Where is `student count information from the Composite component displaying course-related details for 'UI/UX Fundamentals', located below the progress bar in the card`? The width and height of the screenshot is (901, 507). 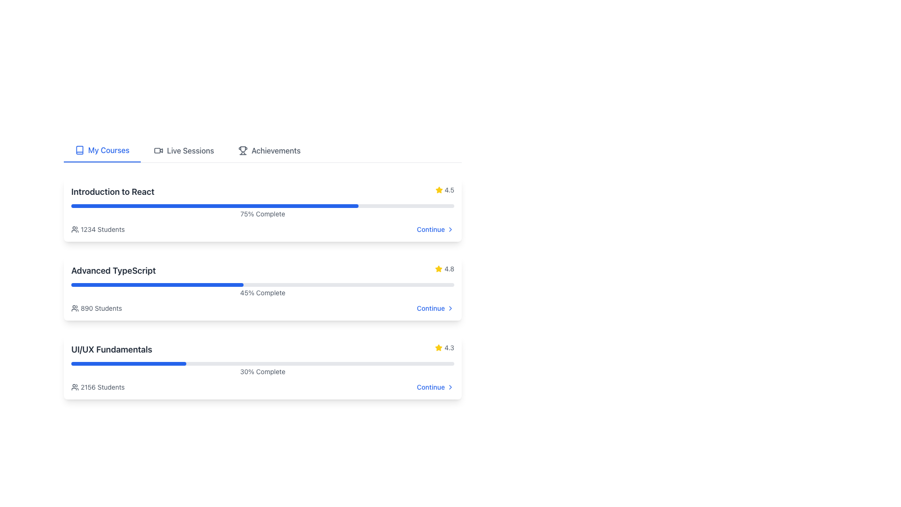
student count information from the Composite component displaying course-related details for 'UI/UX Fundamentals', located below the progress bar in the card is located at coordinates (263, 387).